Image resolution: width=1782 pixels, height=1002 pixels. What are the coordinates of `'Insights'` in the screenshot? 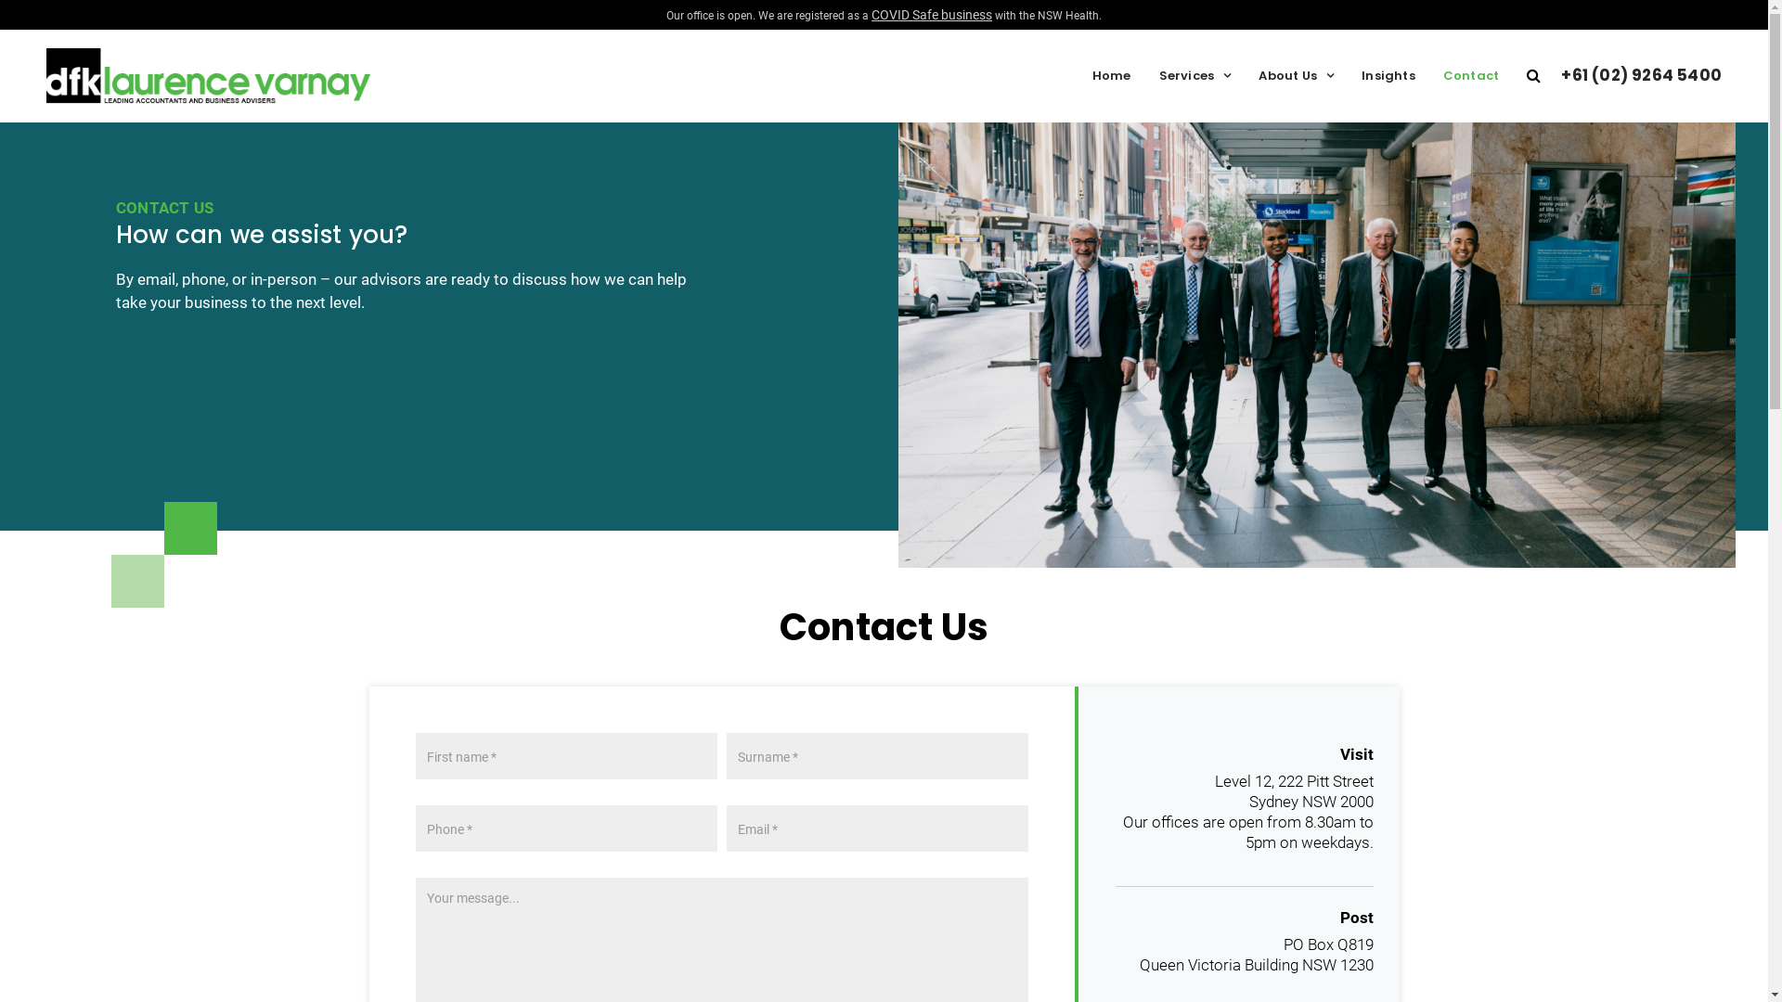 It's located at (1388, 74).